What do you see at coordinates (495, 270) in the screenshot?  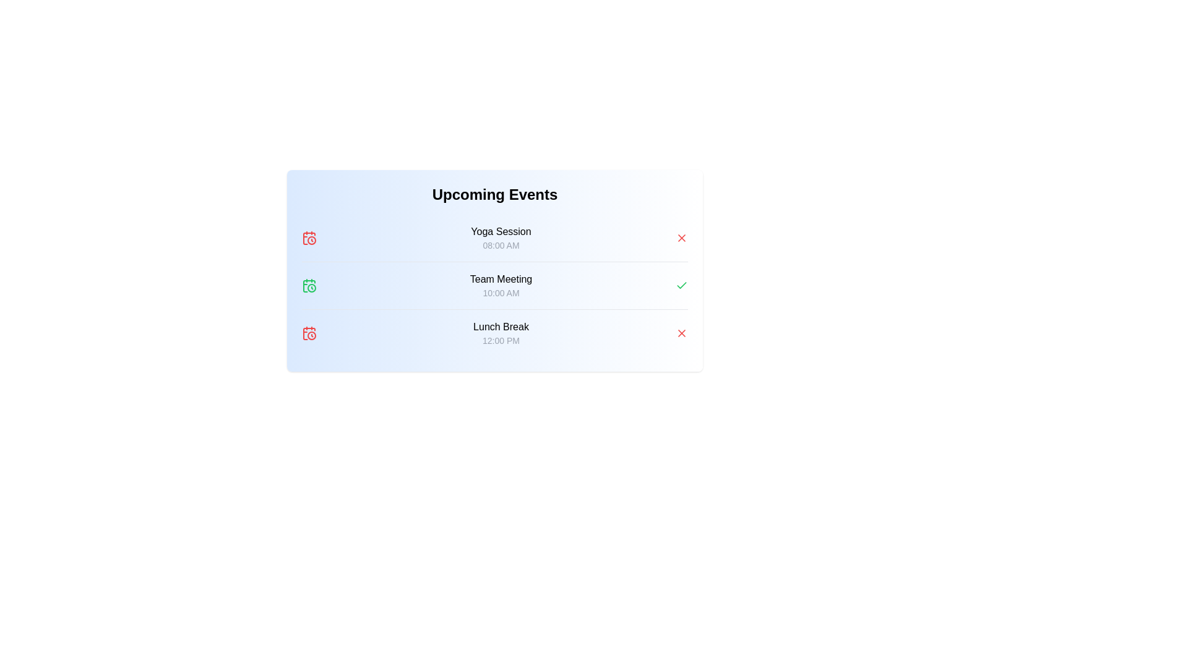 I see `the individual event icons in the 'Upcoming Events' section to modify or delete events` at bounding box center [495, 270].